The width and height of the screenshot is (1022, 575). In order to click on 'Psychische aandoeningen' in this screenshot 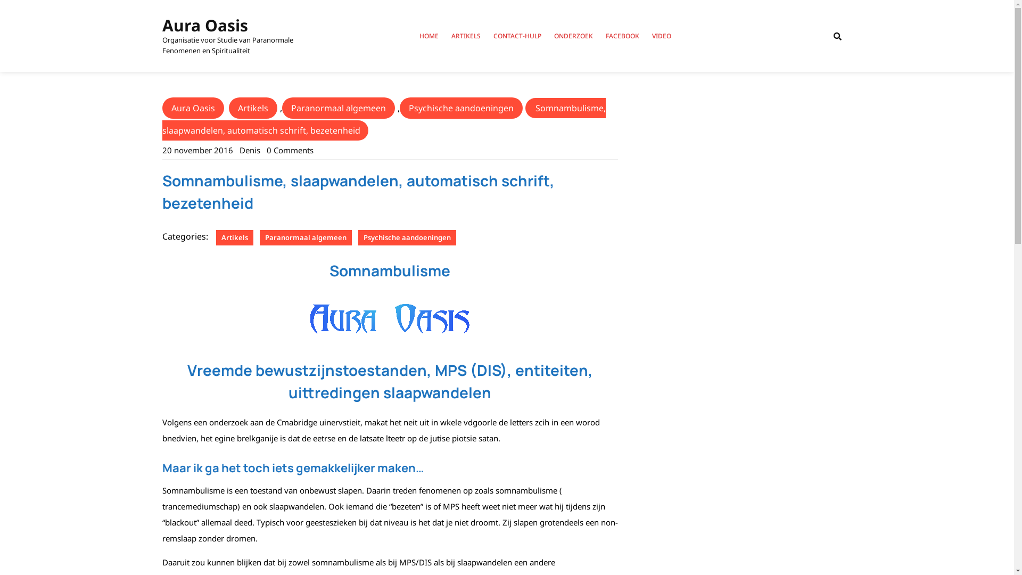, I will do `click(406, 237)`.